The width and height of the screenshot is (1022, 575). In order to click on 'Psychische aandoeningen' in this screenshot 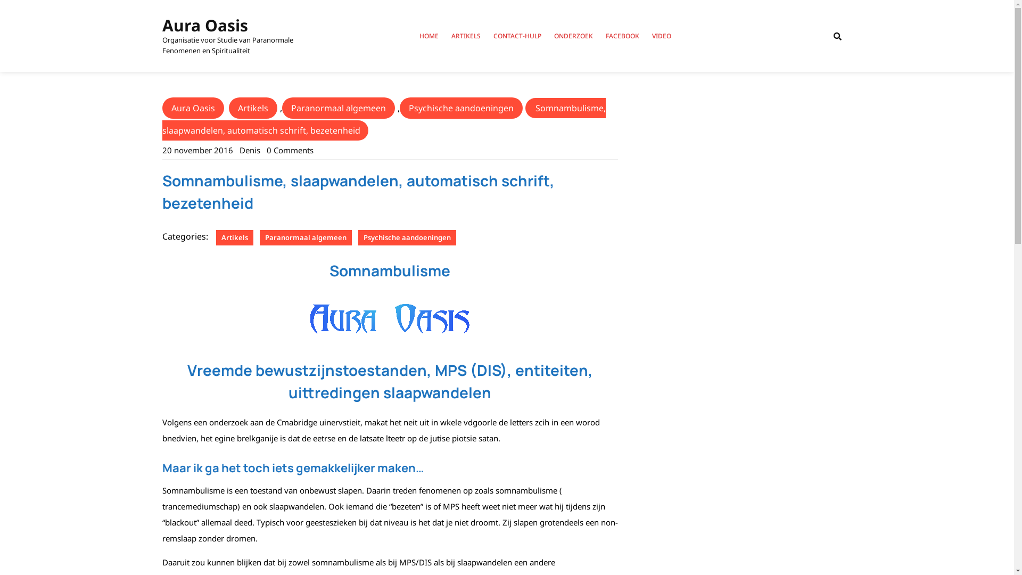, I will do `click(406, 237)`.